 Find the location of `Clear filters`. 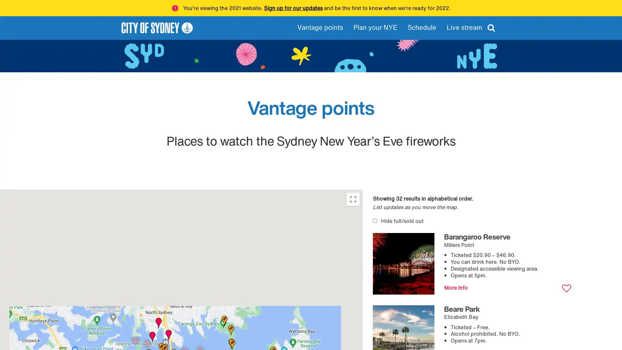

Clear filters is located at coordinates (157, 53).